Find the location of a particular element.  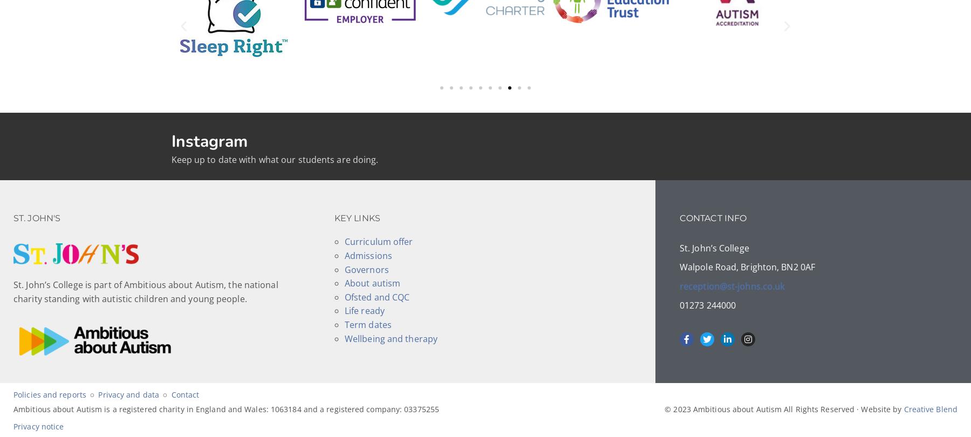

'01273 244000' is located at coordinates (707, 304).